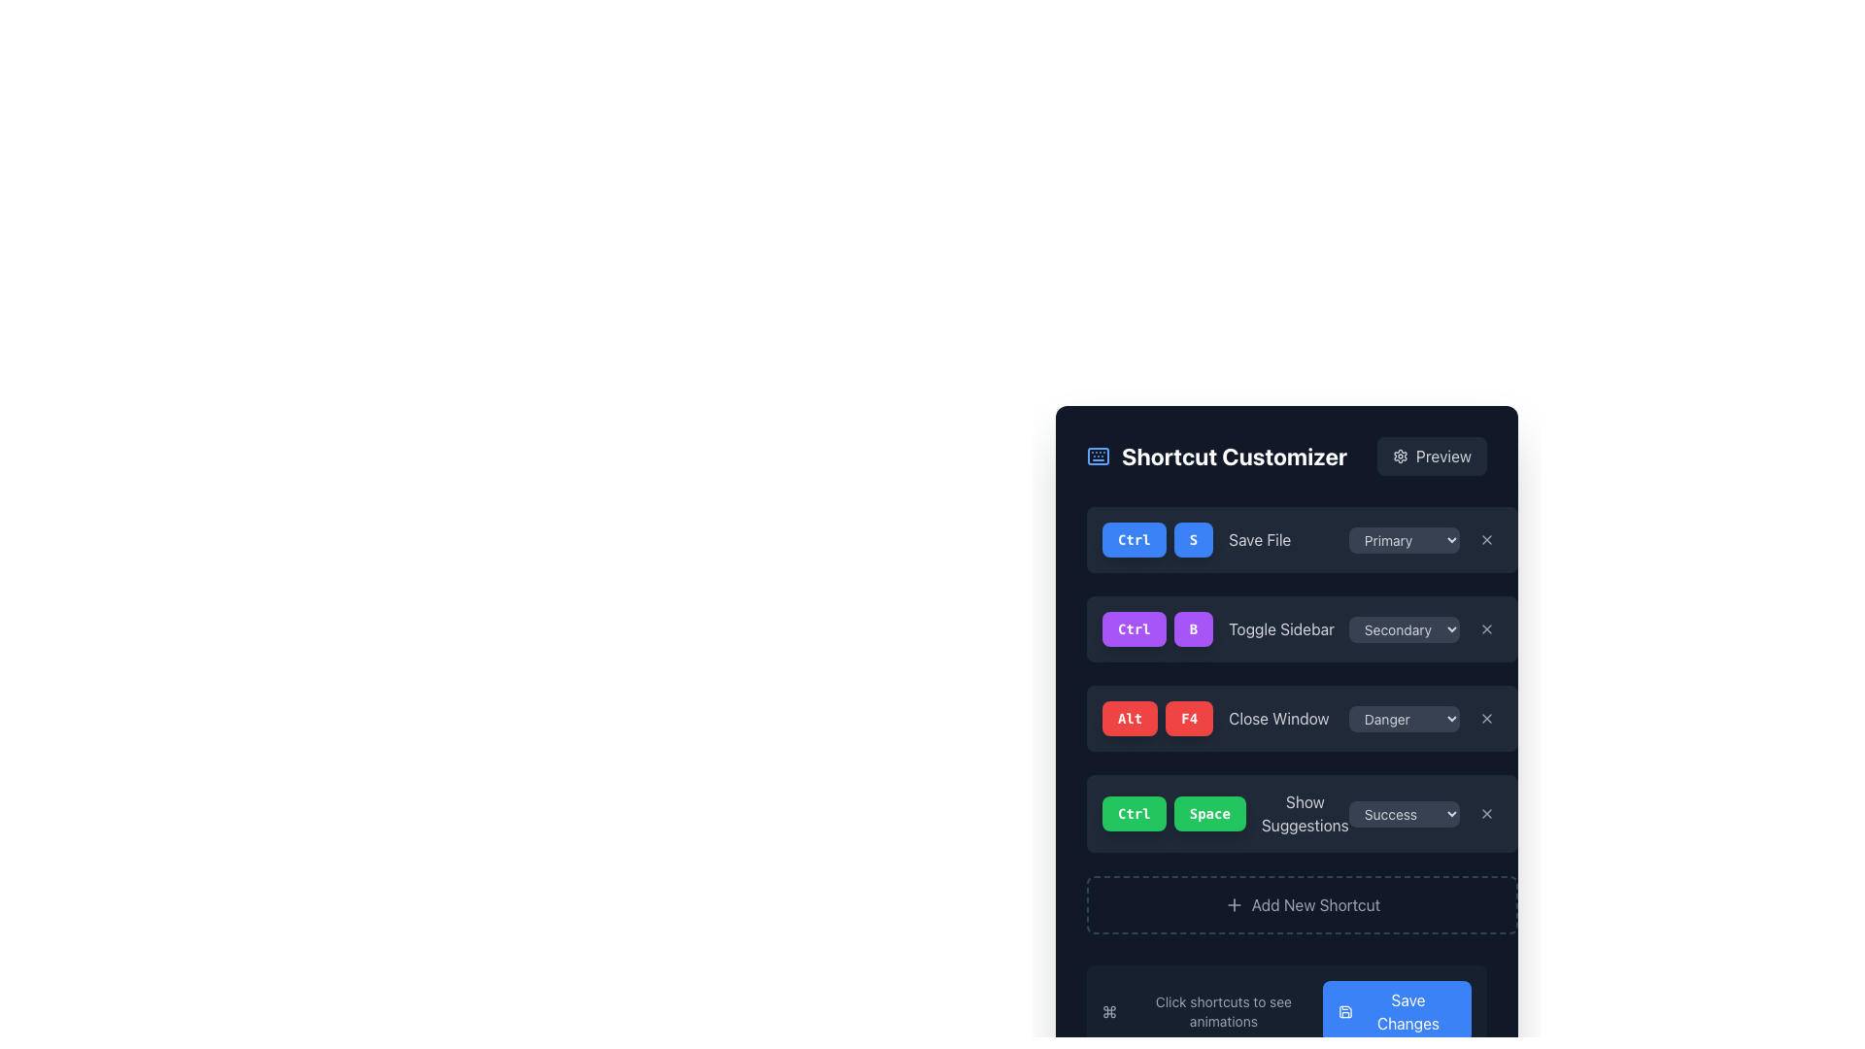 This screenshot has height=1049, width=1865. What do you see at coordinates (1404, 813) in the screenshot?
I see `the dropdown menu trigger button labeled 'Success', which is positioned second` at bounding box center [1404, 813].